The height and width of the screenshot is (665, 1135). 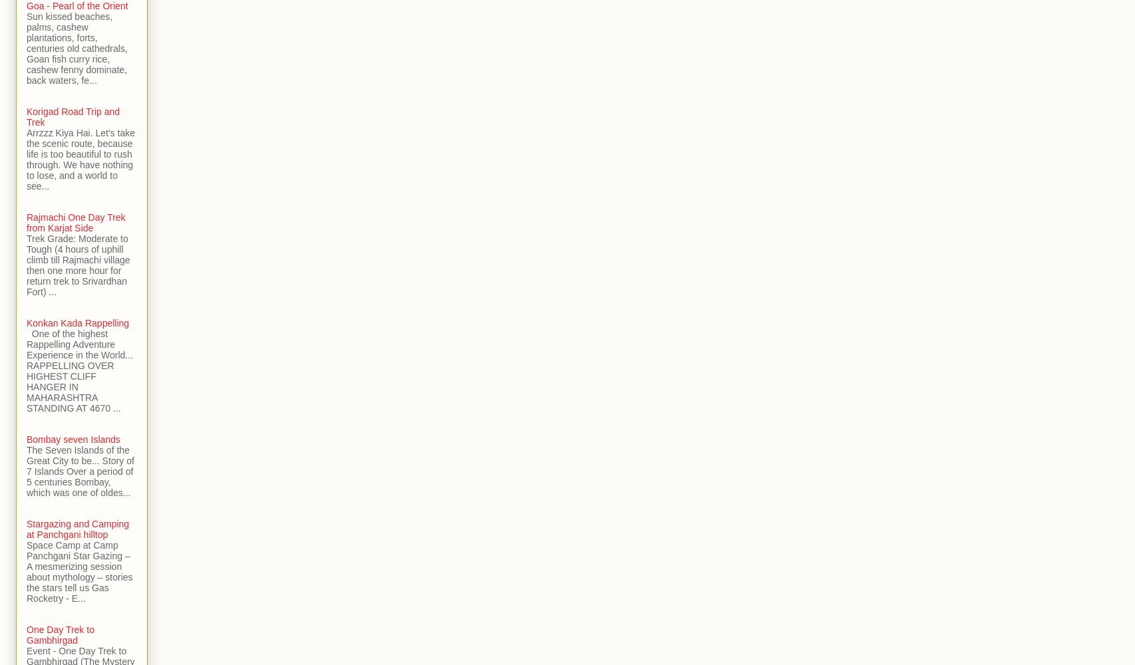 I want to click on 'Bombay seven Islands', so click(x=73, y=440).